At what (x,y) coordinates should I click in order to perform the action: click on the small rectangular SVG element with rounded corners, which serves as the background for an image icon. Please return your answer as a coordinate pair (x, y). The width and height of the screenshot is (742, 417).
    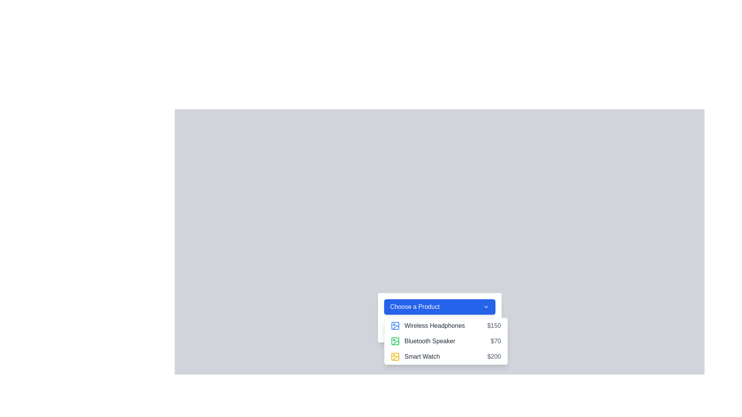
    Looking at the image, I should click on (395, 326).